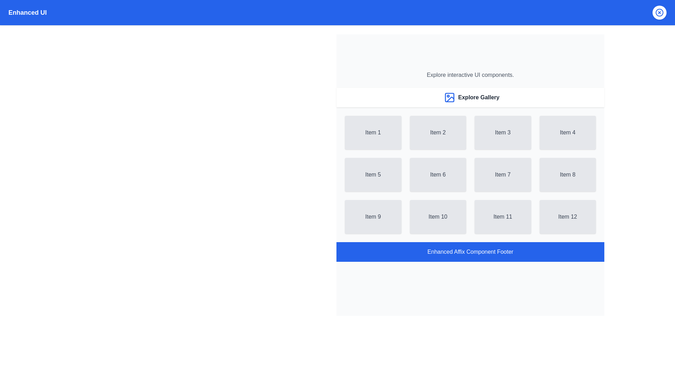 The width and height of the screenshot is (675, 379). I want to click on the static text display component showcasing 'Item 8' located in the second row, fourth column of the grid layout, so click(567, 174).